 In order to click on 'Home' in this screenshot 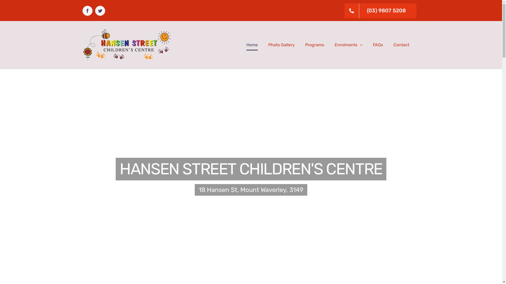, I will do `click(251, 44)`.